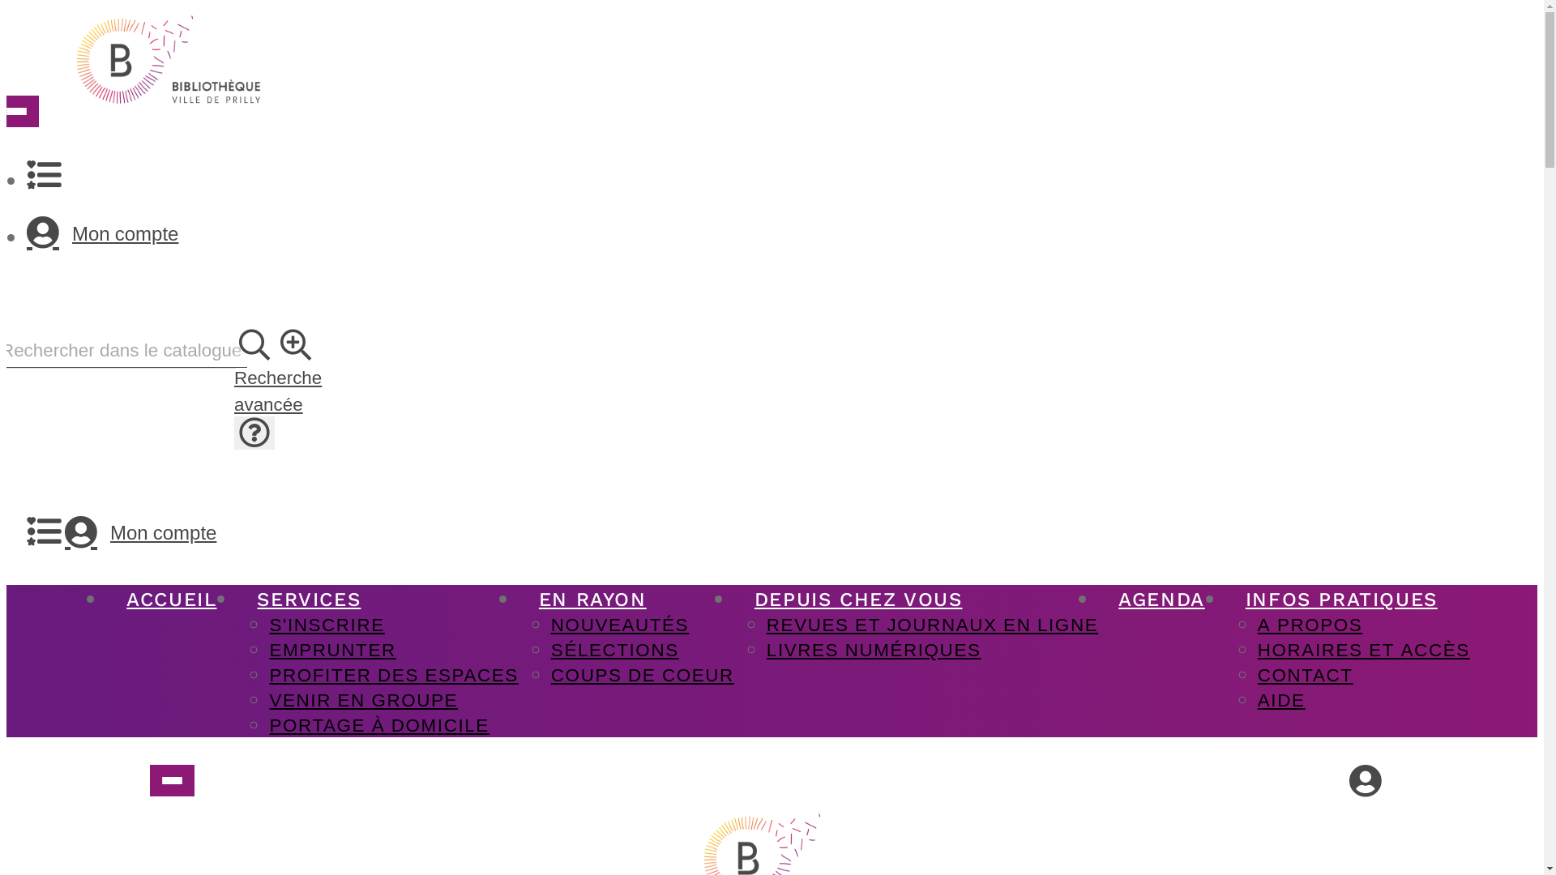 The image size is (1556, 875). What do you see at coordinates (393, 674) in the screenshot?
I see `'PROFITER DES ESPACES'` at bounding box center [393, 674].